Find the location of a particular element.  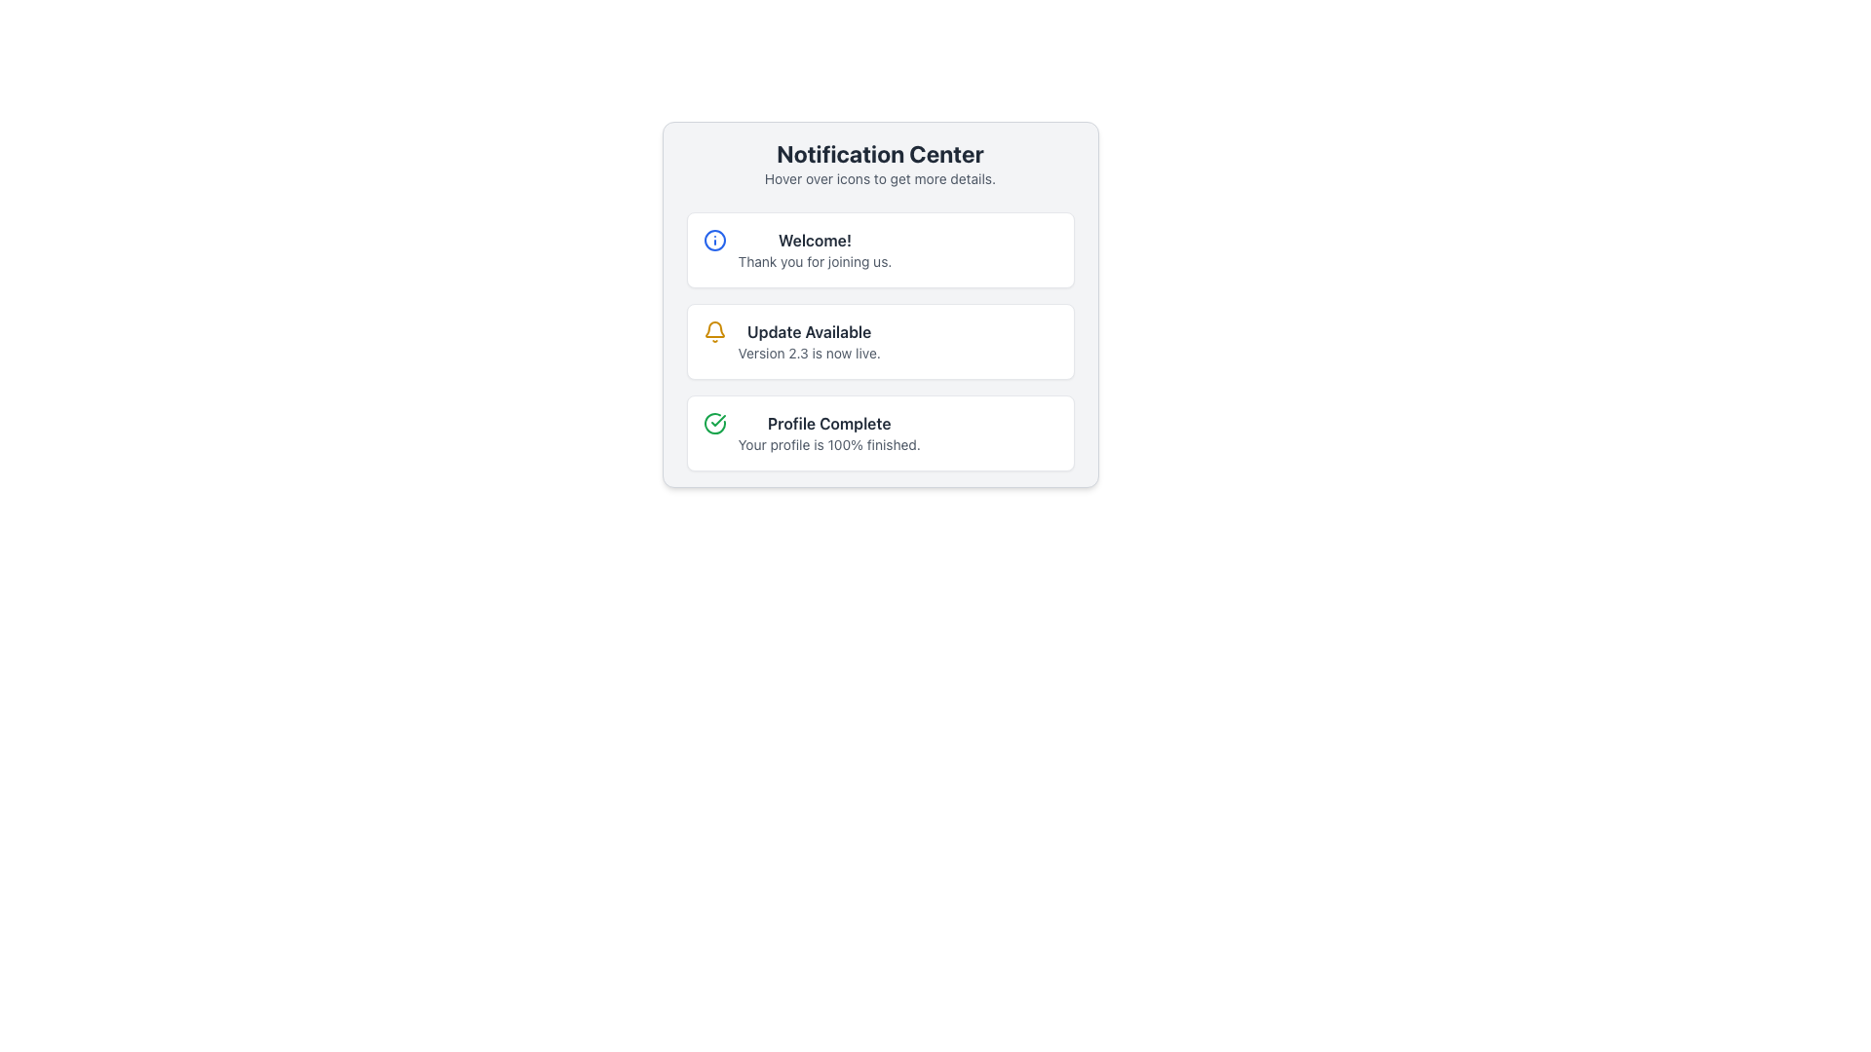

the 'Welcome!' text block element in the Notification Center, which contains a greeting and a thank you message is located at coordinates (815, 249).